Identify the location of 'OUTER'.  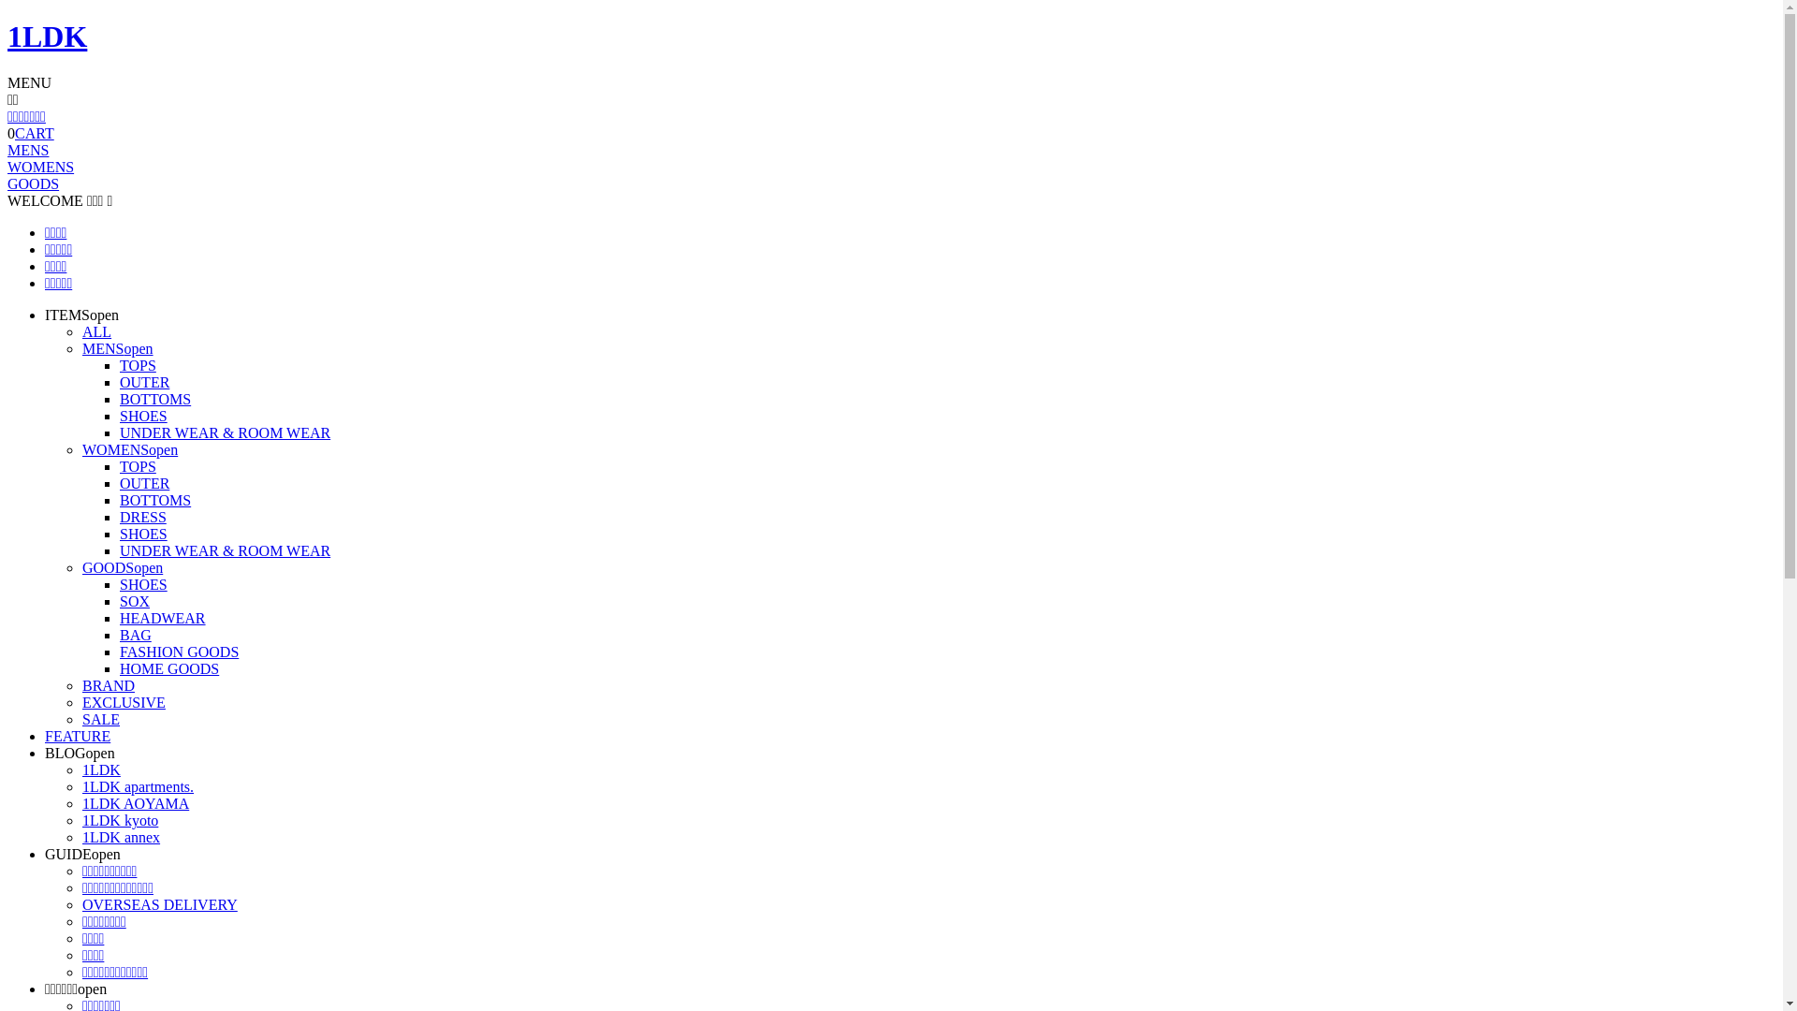
(119, 381).